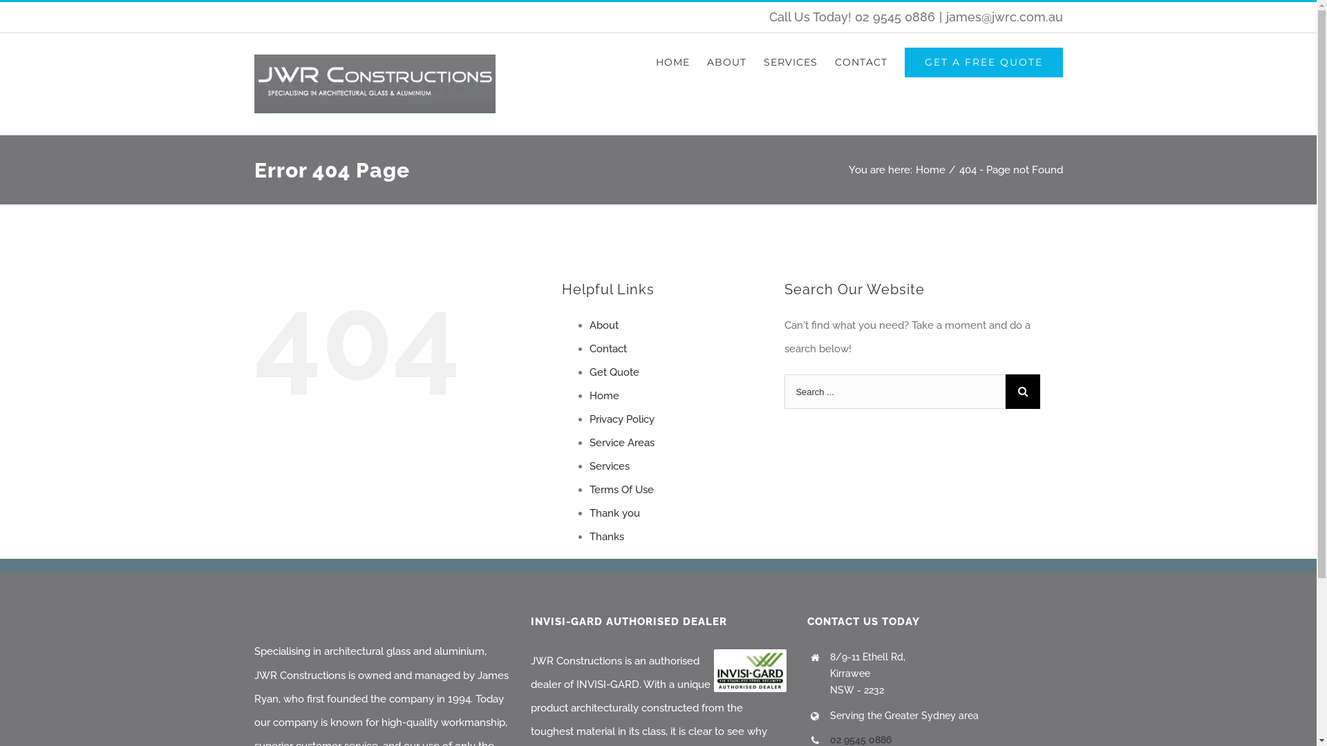 Image resolution: width=1327 pixels, height=746 pixels. Describe the element at coordinates (930, 169) in the screenshot. I see `'Home'` at that location.